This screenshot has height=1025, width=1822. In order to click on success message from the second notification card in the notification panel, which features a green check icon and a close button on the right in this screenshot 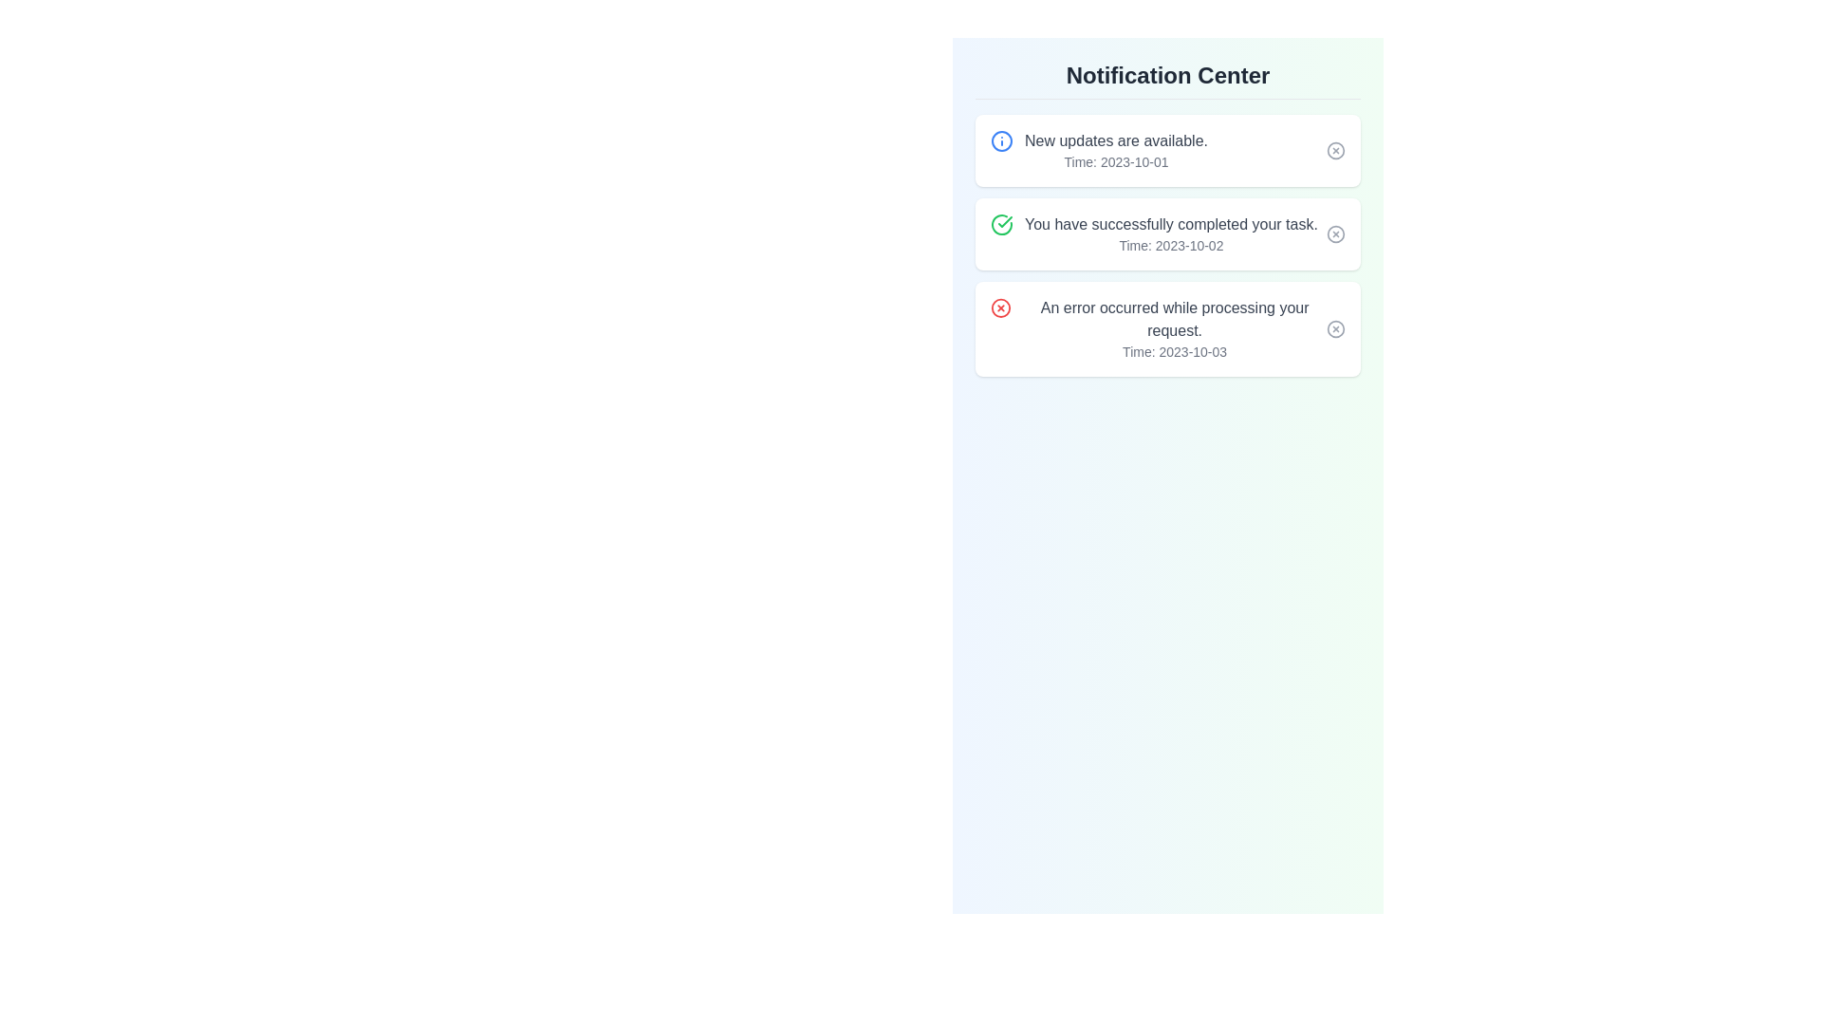, I will do `click(1166, 233)`.